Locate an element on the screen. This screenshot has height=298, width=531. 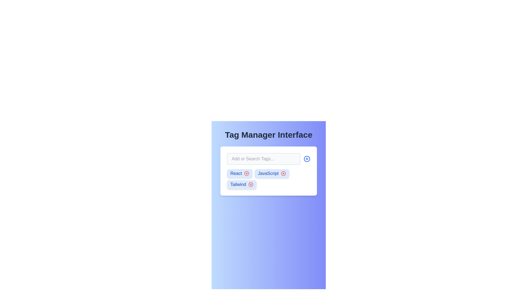
the 'React' tag element which has a red icon for removal, positioned at the top-left of the tag group is located at coordinates (240, 173).